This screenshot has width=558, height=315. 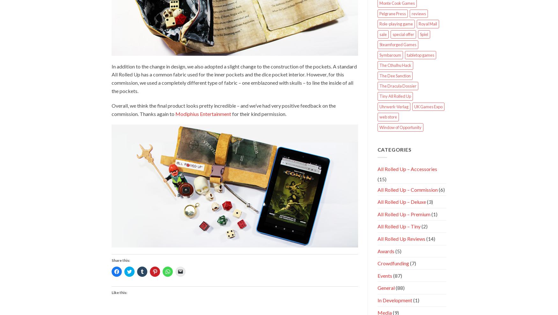 What do you see at coordinates (399, 287) in the screenshot?
I see `'(88)'` at bounding box center [399, 287].